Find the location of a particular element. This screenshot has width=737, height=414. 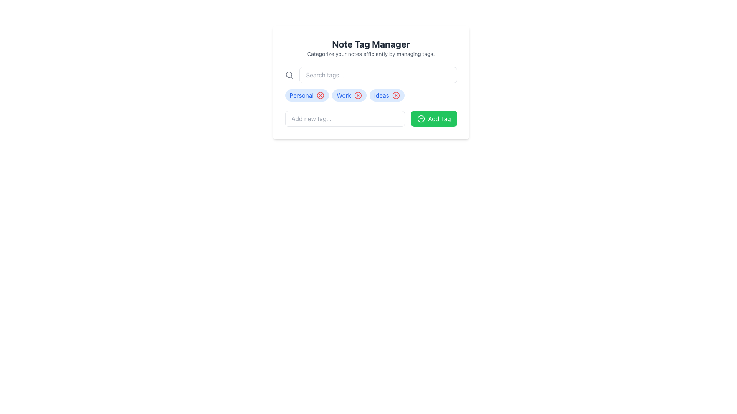

the ornamental SVG element of the 'Remove Tag' icon located to the right of the 'Ideas' text label is located at coordinates (396, 95).